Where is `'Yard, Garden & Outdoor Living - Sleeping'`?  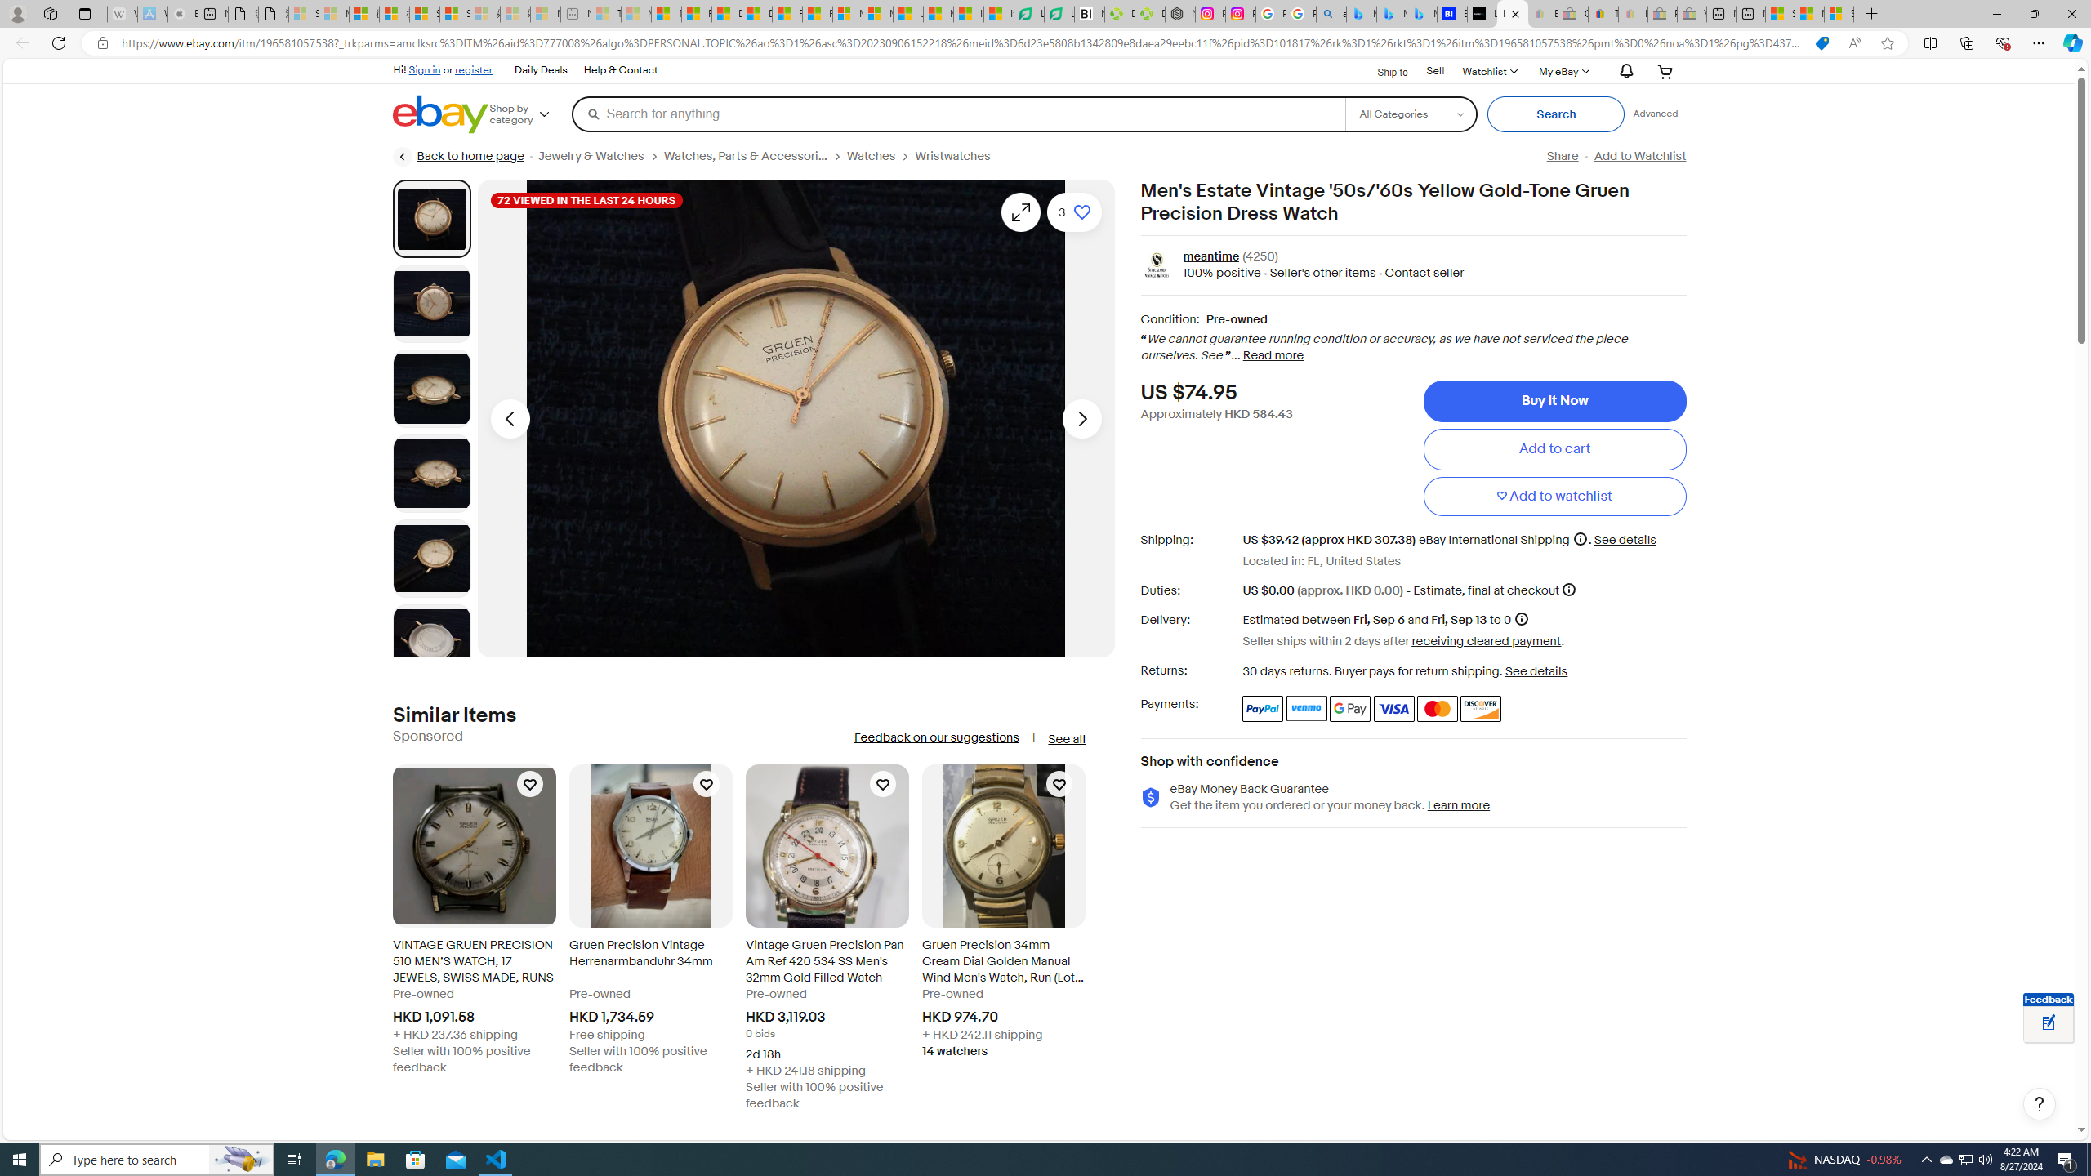 'Yard, Garden & Outdoor Living - Sleeping' is located at coordinates (1692, 13).